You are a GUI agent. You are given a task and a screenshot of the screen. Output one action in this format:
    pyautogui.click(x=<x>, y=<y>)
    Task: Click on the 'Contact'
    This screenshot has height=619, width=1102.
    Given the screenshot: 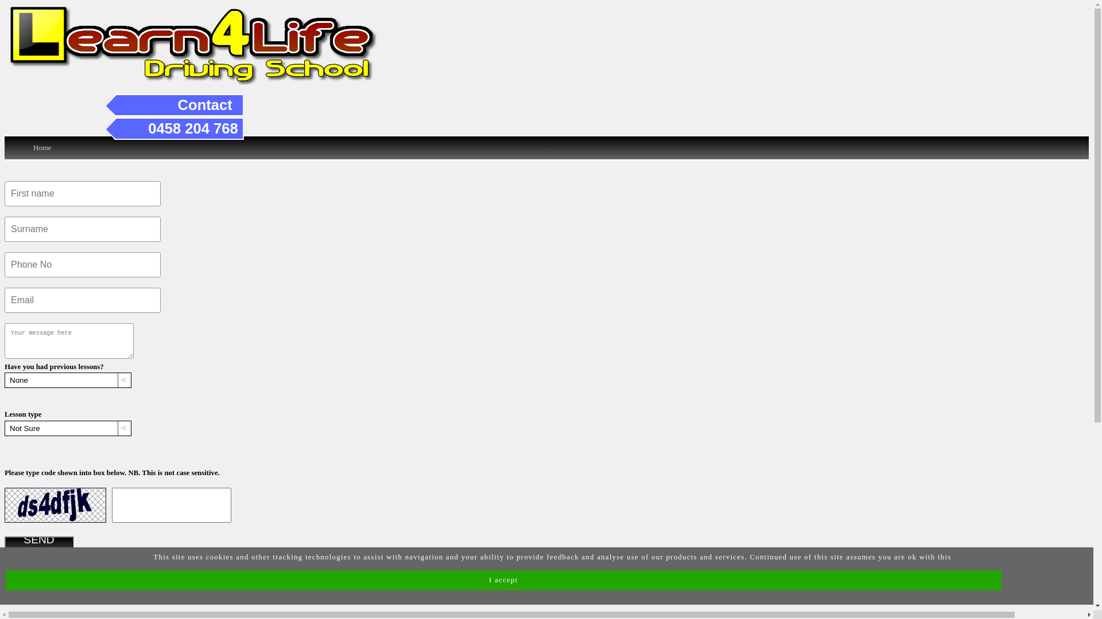 What is the action you would take?
    pyautogui.click(x=205, y=104)
    